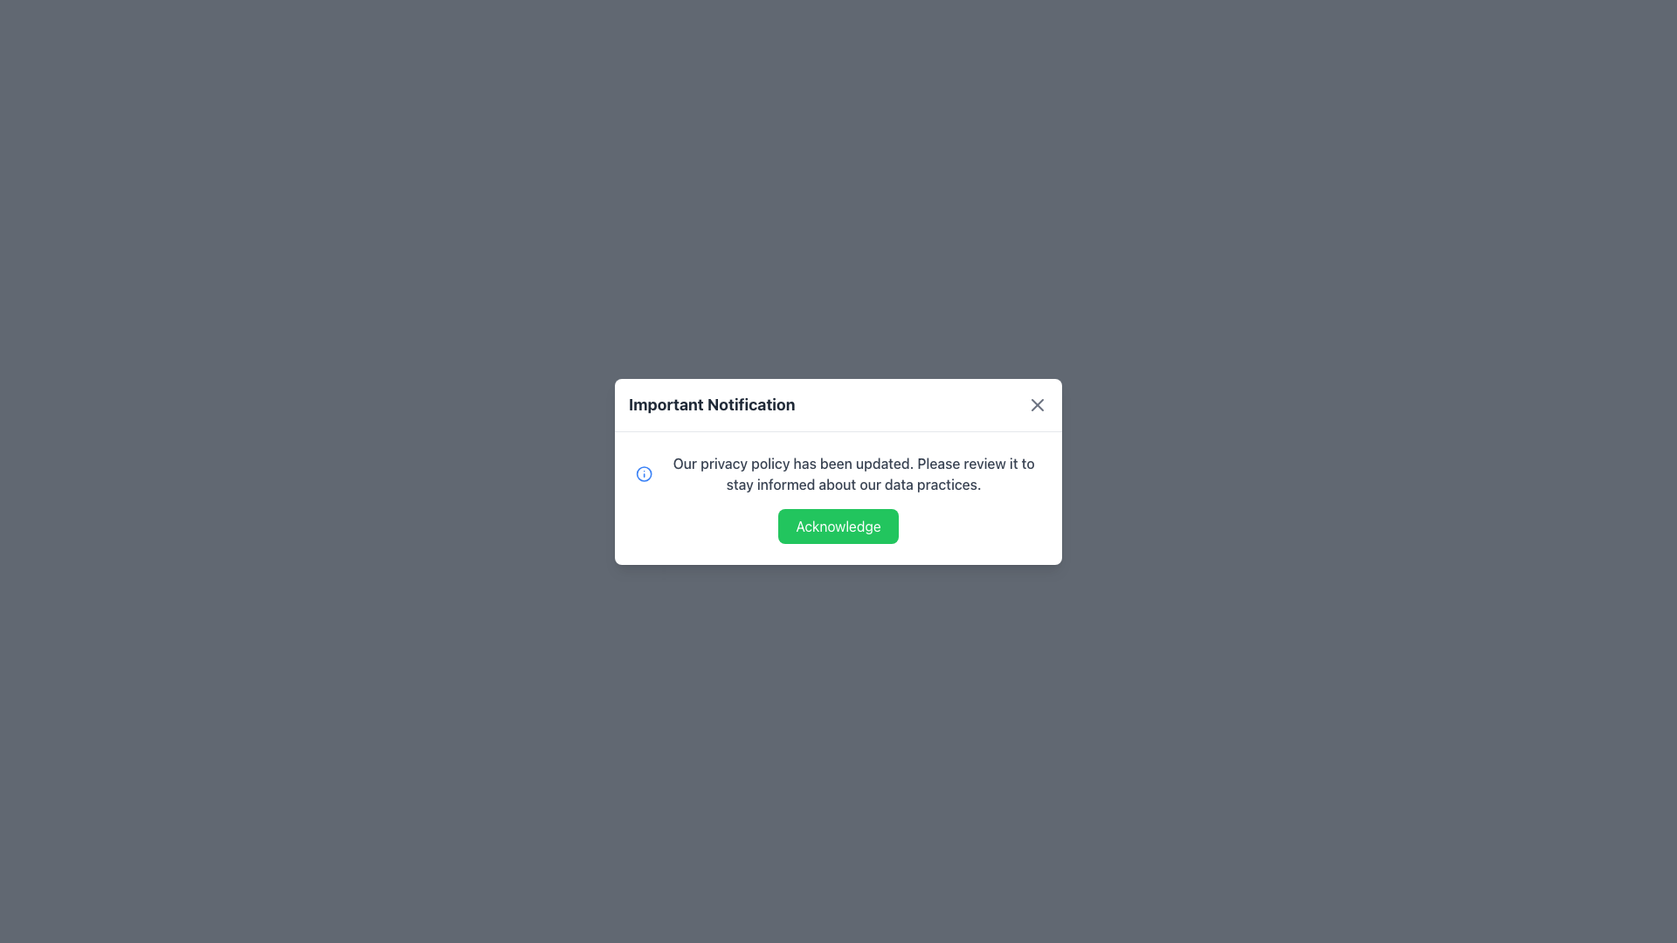  What do you see at coordinates (853, 473) in the screenshot?
I see `privacy policy update message displayed in gray font within the modal dialog under 'Important Notification'` at bounding box center [853, 473].